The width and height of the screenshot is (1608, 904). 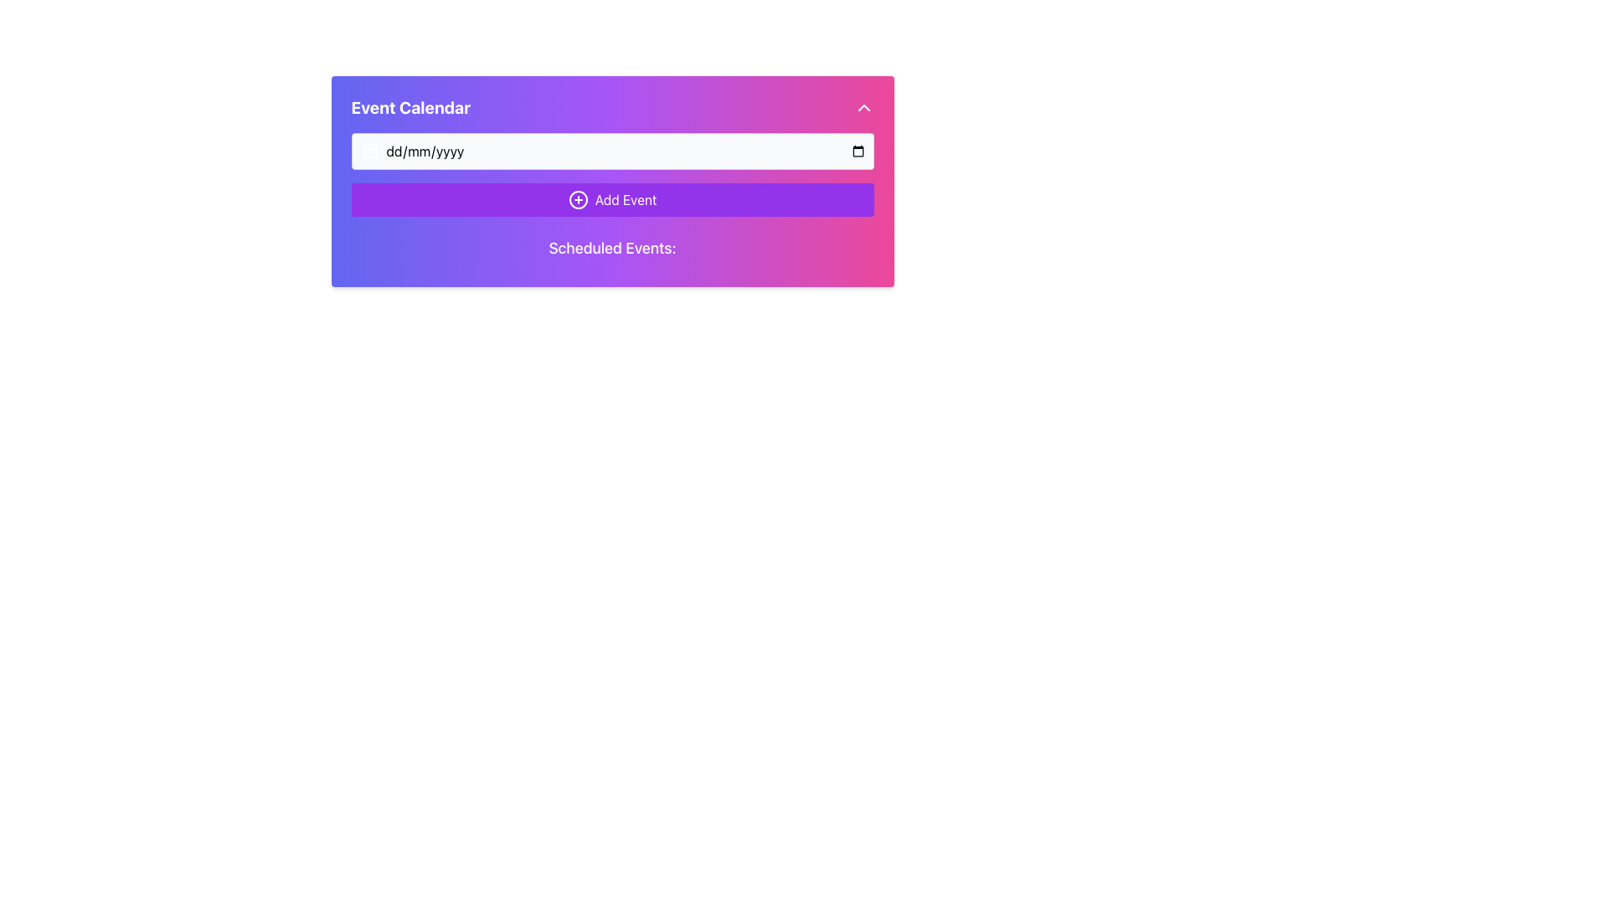 I want to click on the circular icon within the 'Add Event' button, so click(x=578, y=199).